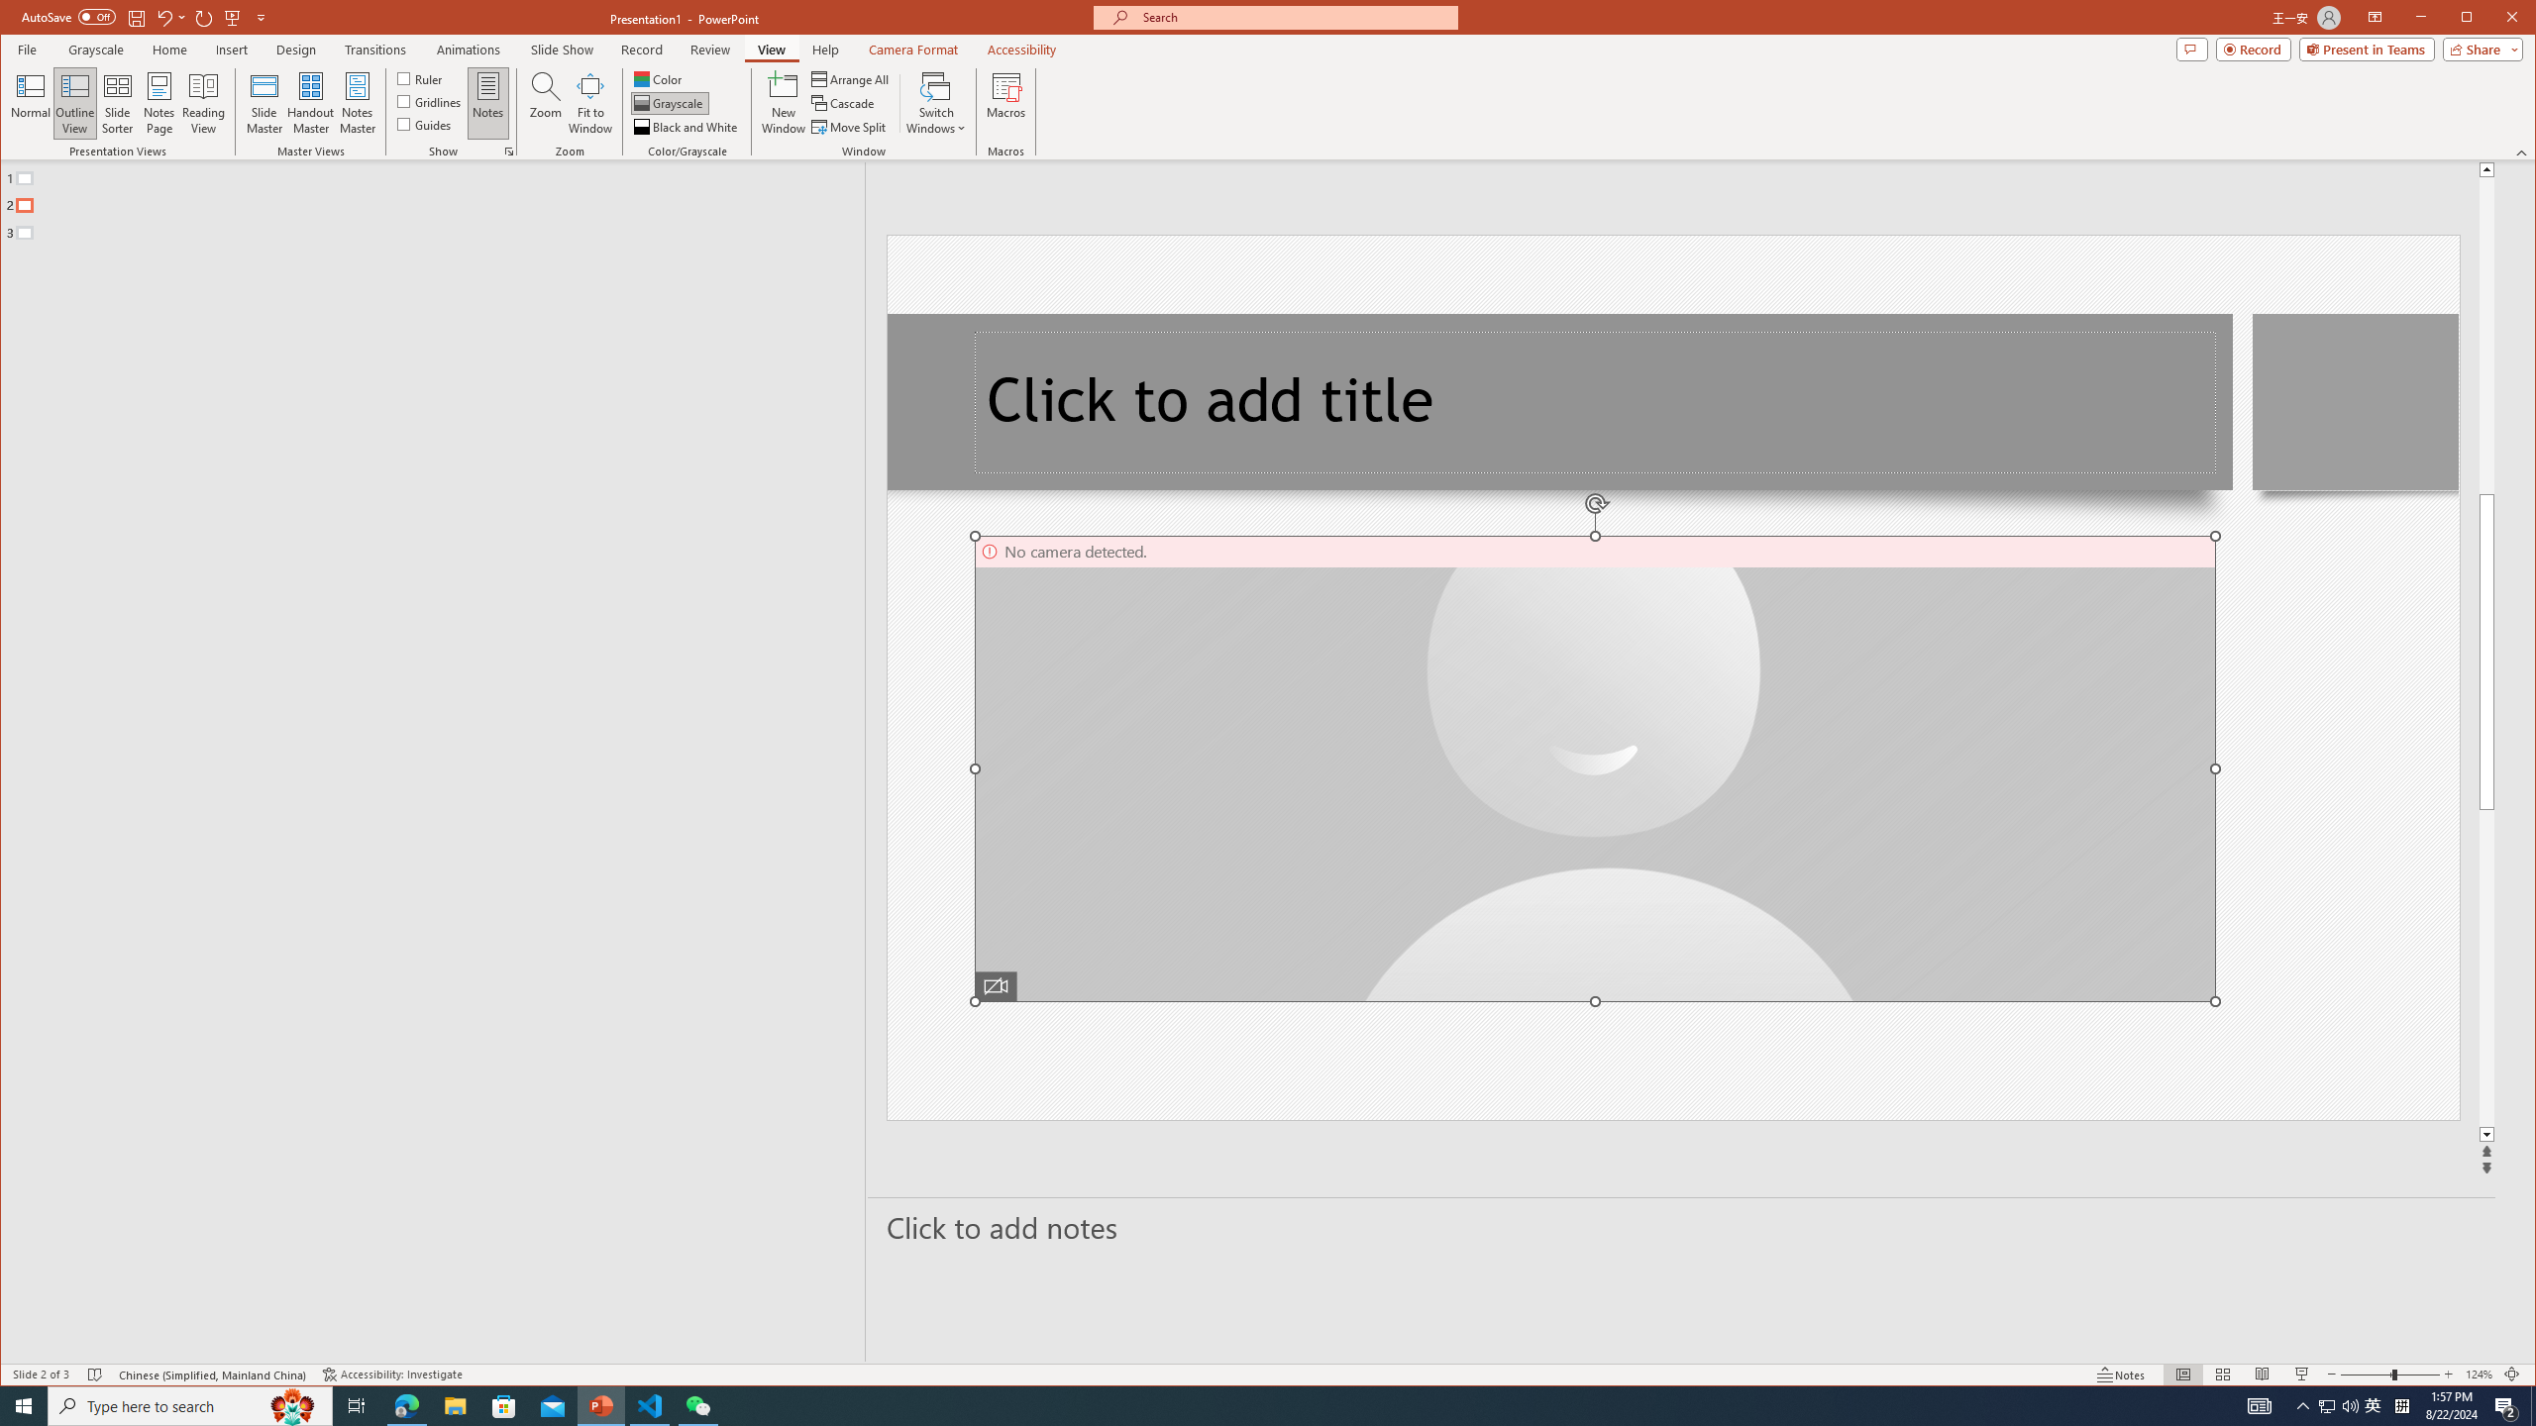 This screenshot has height=1426, width=2536. What do you see at coordinates (419, 77) in the screenshot?
I see `'Ruler'` at bounding box center [419, 77].